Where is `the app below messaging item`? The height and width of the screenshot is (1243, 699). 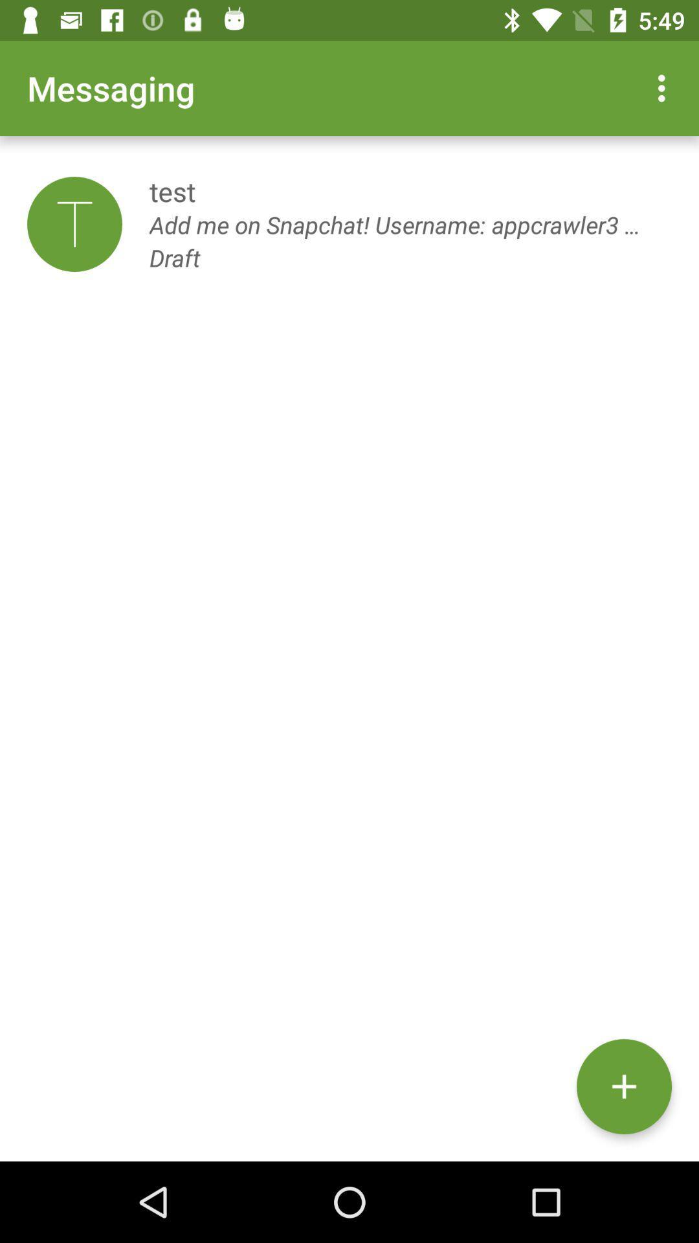
the app below messaging item is located at coordinates (74, 224).